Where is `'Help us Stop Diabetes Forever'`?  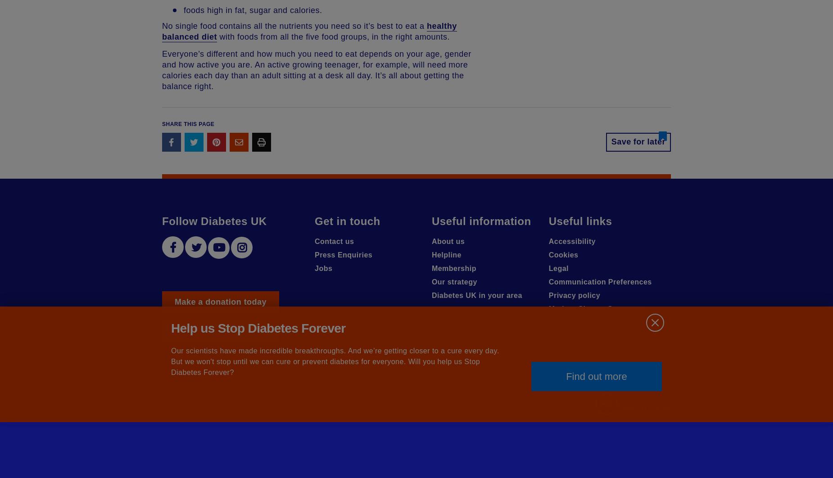
'Help us Stop Diabetes Forever' is located at coordinates (258, 328).